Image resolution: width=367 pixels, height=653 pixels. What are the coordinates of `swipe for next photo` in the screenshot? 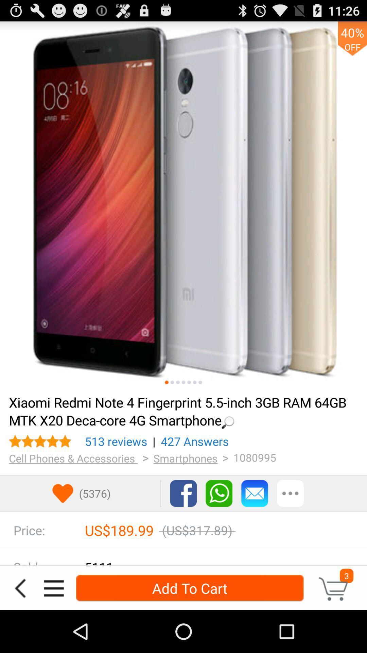 It's located at (172, 382).